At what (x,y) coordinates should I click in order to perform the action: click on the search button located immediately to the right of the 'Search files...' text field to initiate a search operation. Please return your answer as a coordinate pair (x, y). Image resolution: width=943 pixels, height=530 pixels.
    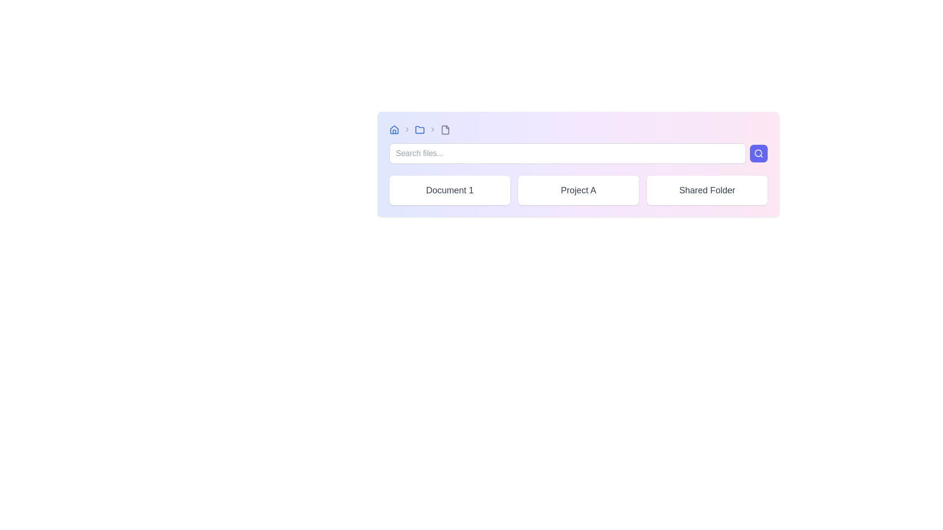
    Looking at the image, I should click on (758, 153).